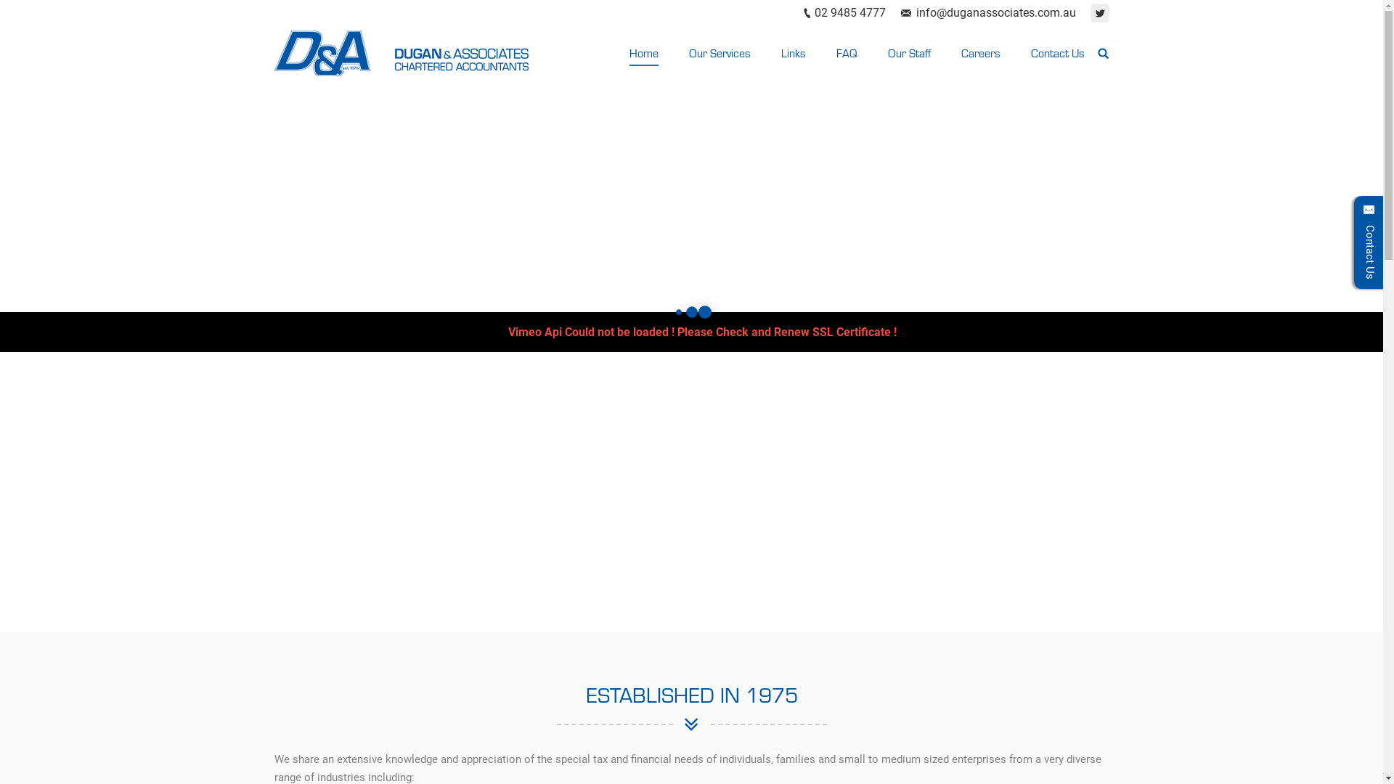 The height and width of the screenshot is (784, 1394). Describe the element at coordinates (794, 52) in the screenshot. I see `'Links'` at that location.